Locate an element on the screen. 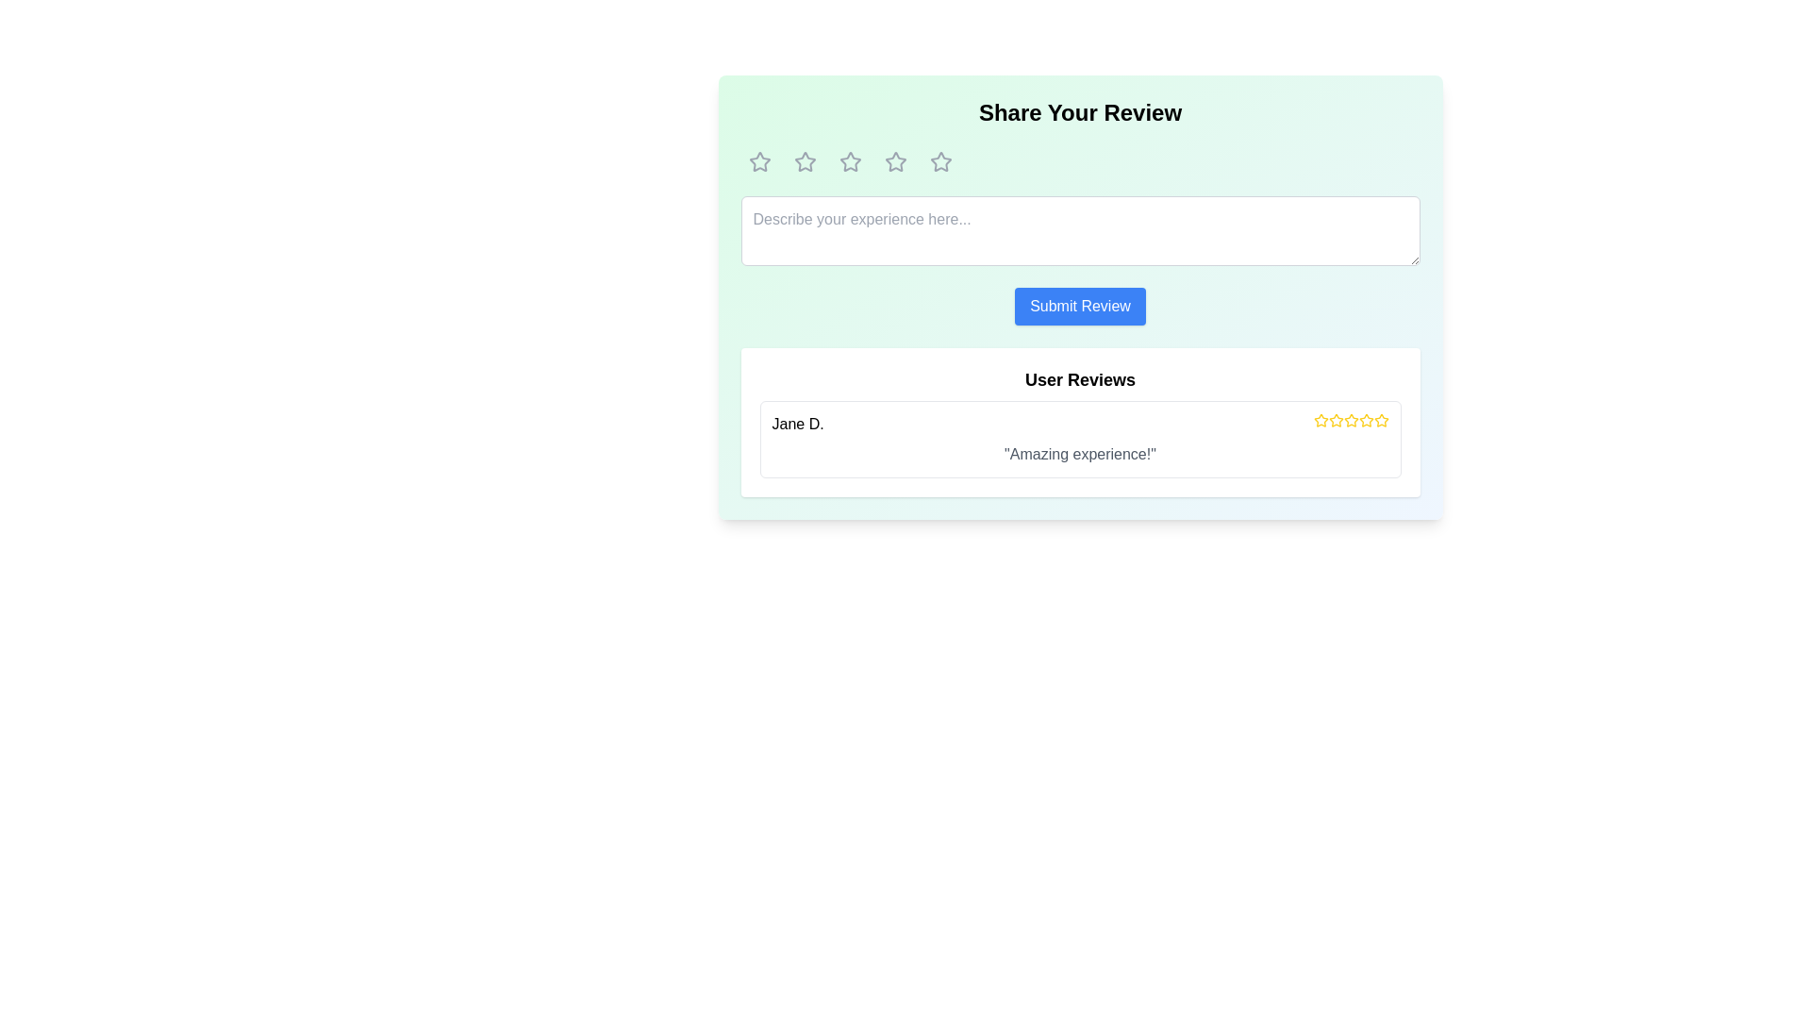 This screenshot has height=1019, width=1811. the fifth star icon in the horizontal sequence of rating stars located at the lower right of the 'User Reviews' section is located at coordinates (1381, 419).